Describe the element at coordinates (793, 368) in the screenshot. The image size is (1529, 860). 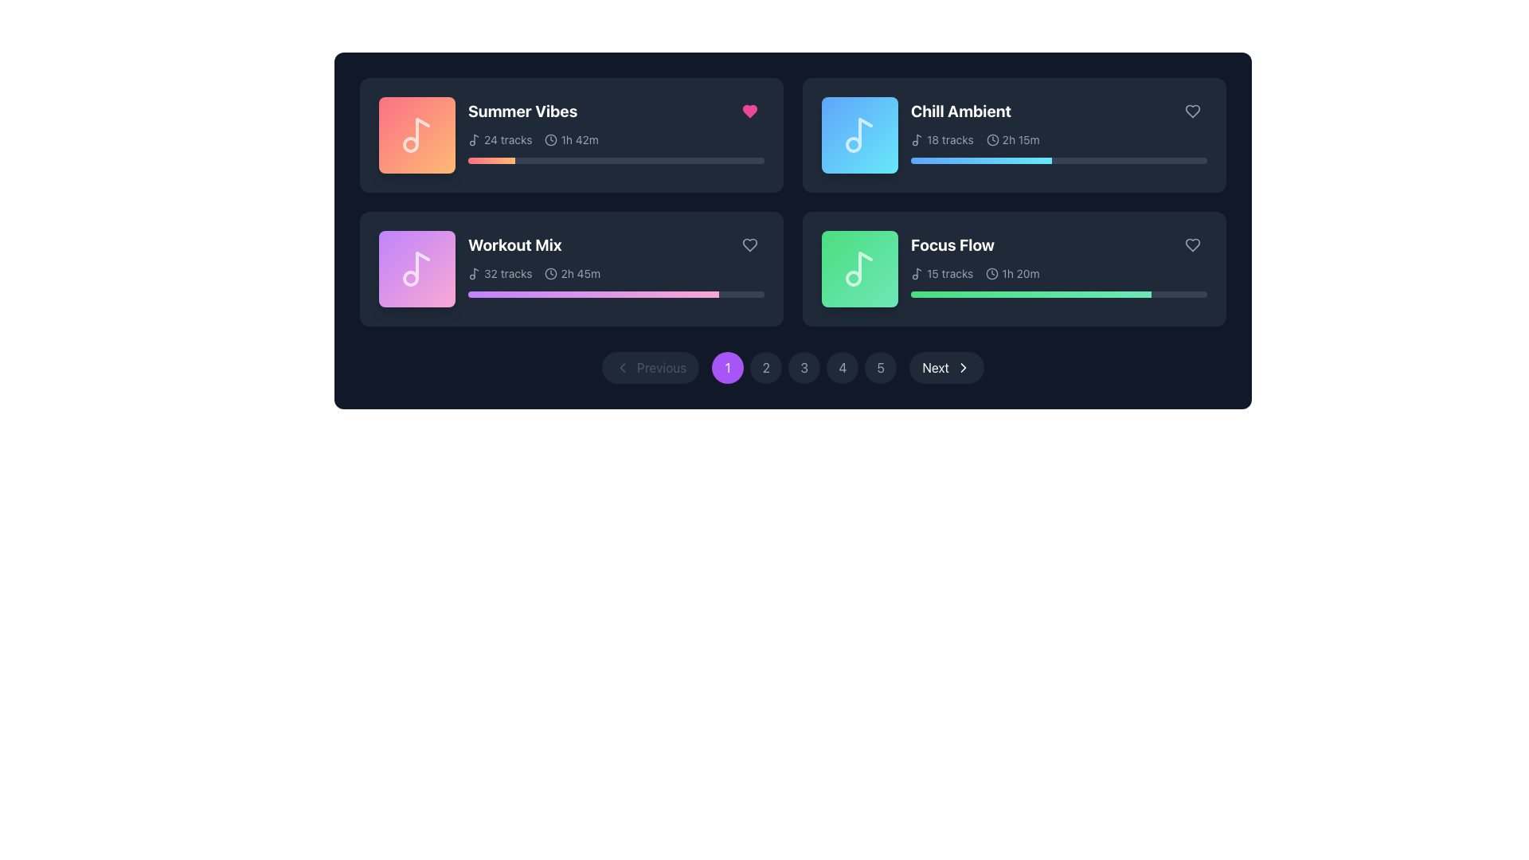
I see `the third pagination button located at the bottom of the playlist interface` at that location.